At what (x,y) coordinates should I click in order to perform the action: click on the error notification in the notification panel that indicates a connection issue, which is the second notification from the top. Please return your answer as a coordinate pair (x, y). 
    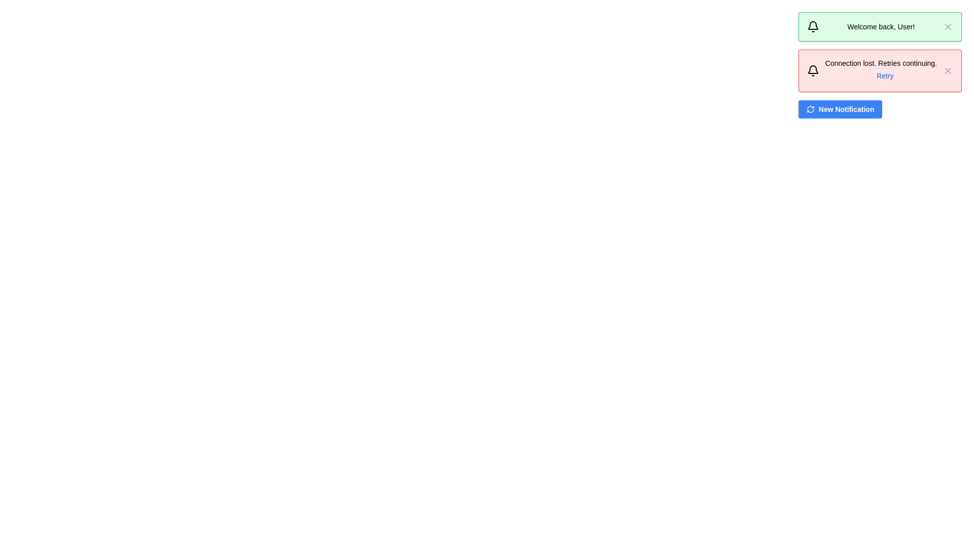
    Looking at the image, I should click on (879, 65).